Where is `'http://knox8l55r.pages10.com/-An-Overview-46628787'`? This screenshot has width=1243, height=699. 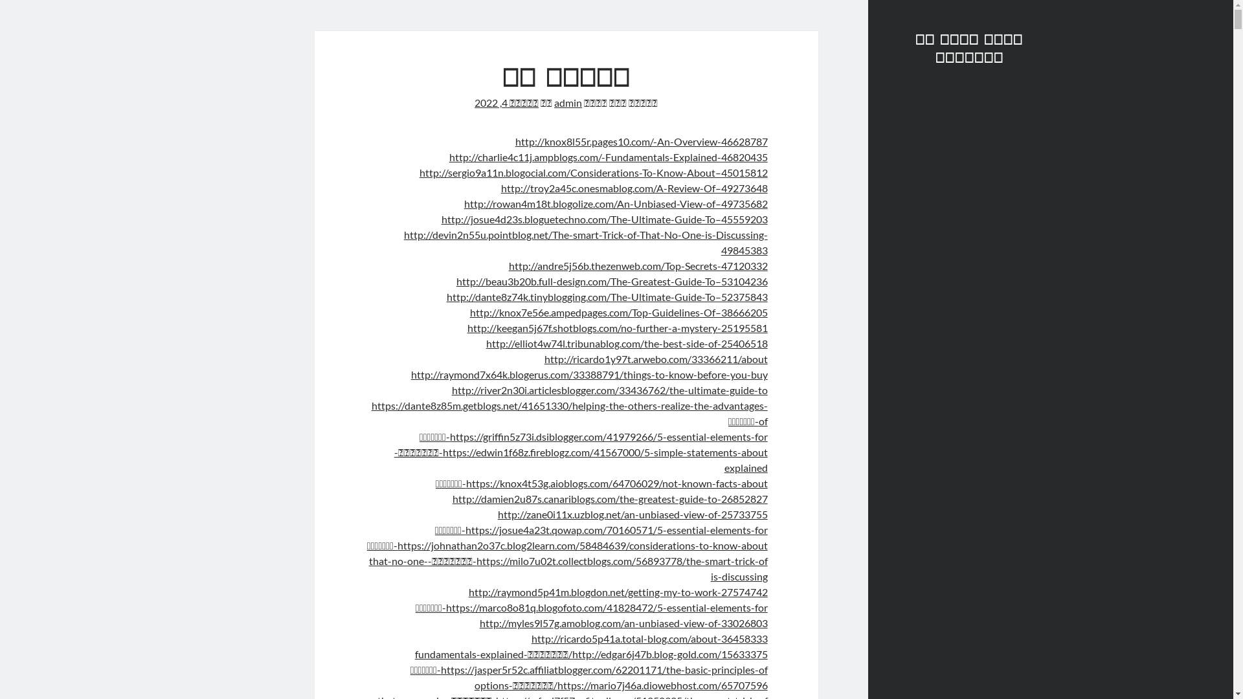
'http://knox8l55r.pages10.com/-An-Overview-46628787' is located at coordinates (641, 141).